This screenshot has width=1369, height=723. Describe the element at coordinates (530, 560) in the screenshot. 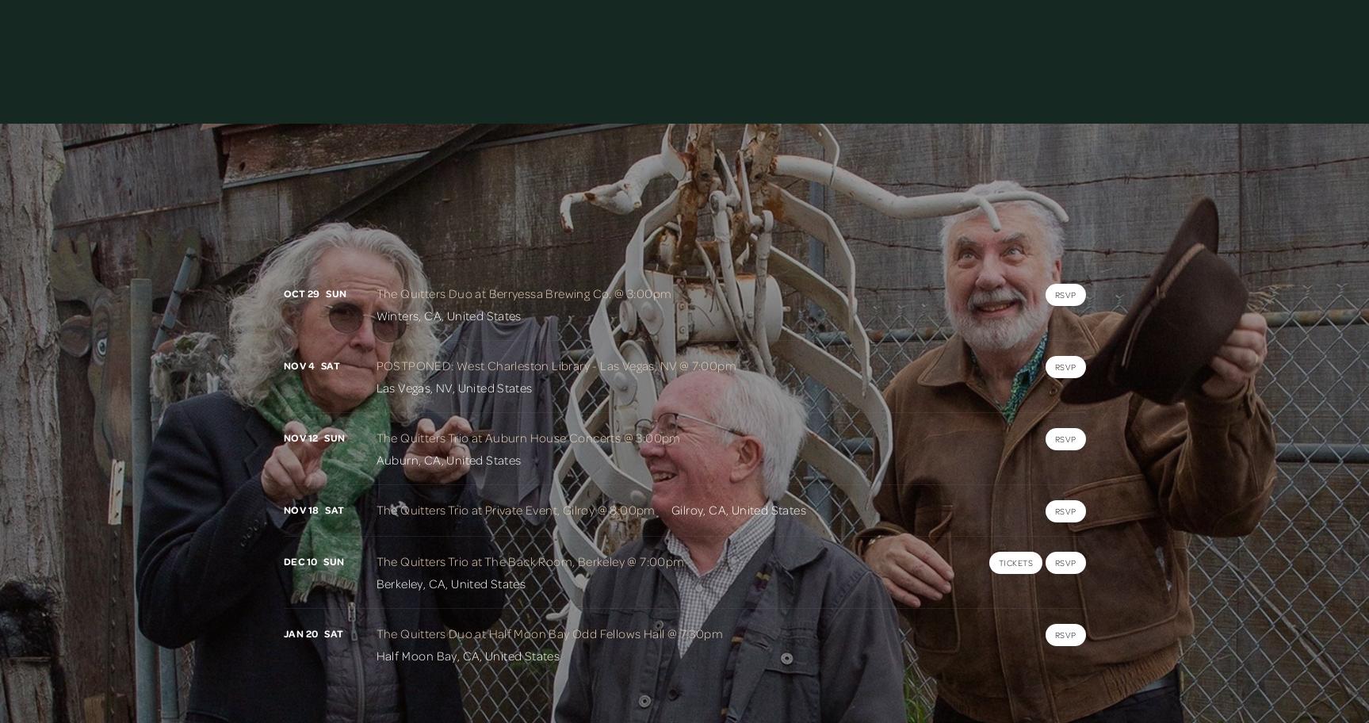

I see `'The Quitters Trio at The Back Room, Berkeley
                    
                    @ 7:00pm'` at that location.